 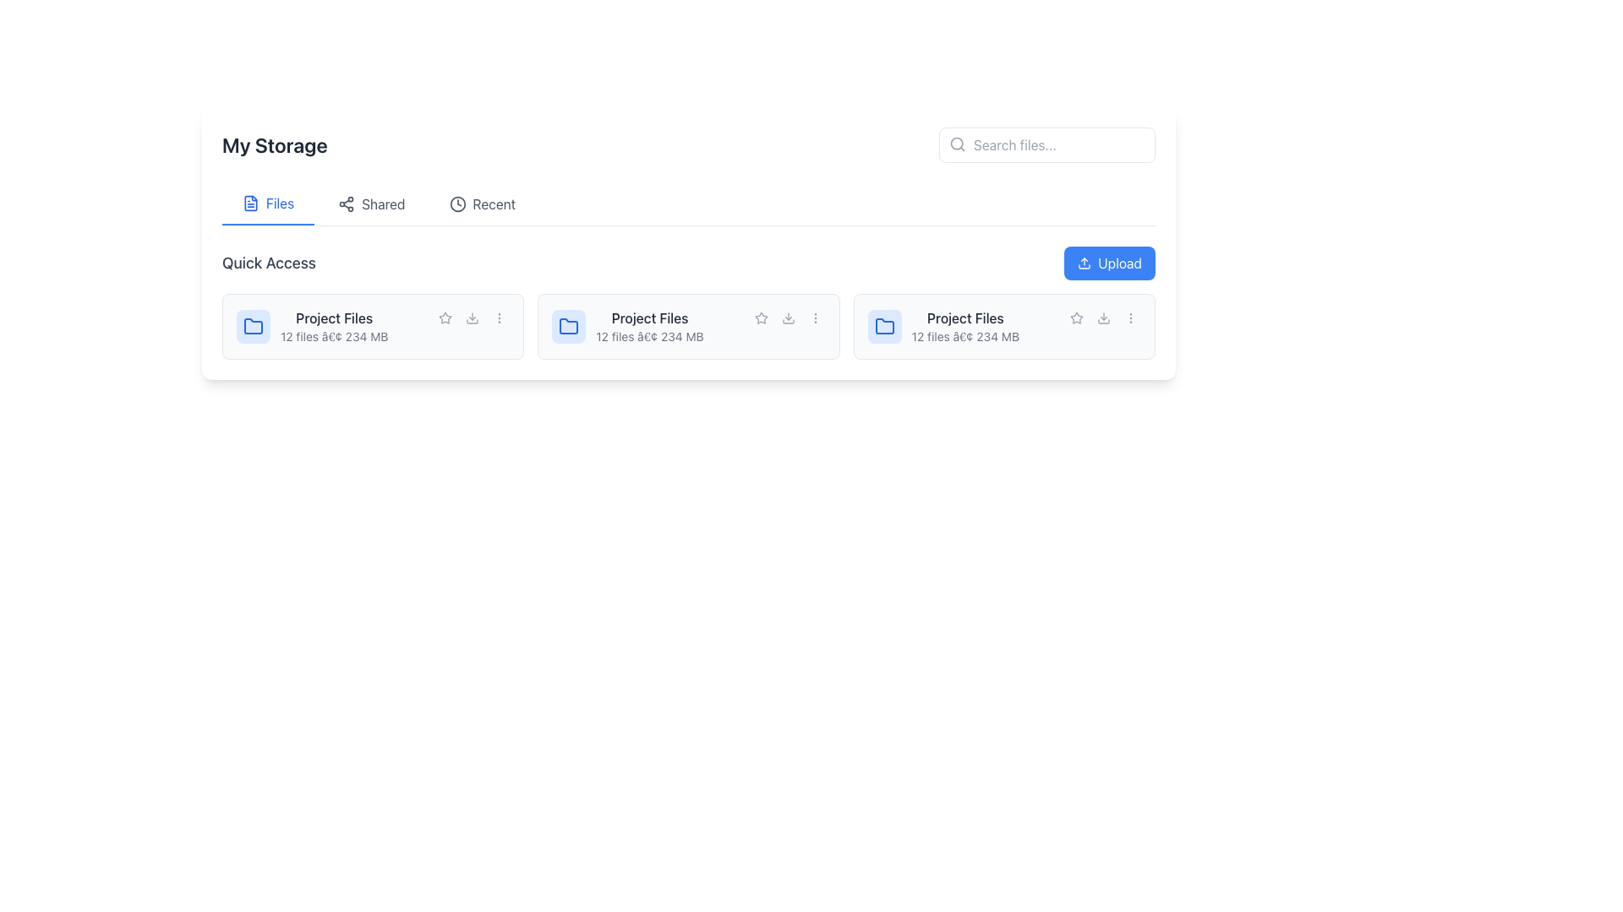 What do you see at coordinates (334, 336) in the screenshot?
I see `the informational text that provides metadata about the associated folder, located below the 'Project Files' text and to the leftmost of three cards in the 'Quick Access' section` at bounding box center [334, 336].